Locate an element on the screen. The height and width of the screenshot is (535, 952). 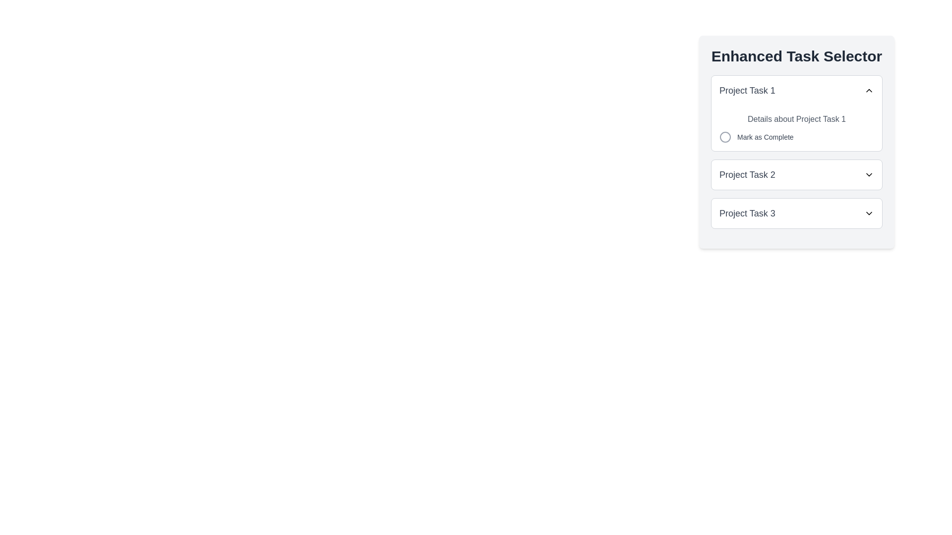
the downward chevron SVG icon located next to the text 'Project Task 2' is located at coordinates (868, 174).